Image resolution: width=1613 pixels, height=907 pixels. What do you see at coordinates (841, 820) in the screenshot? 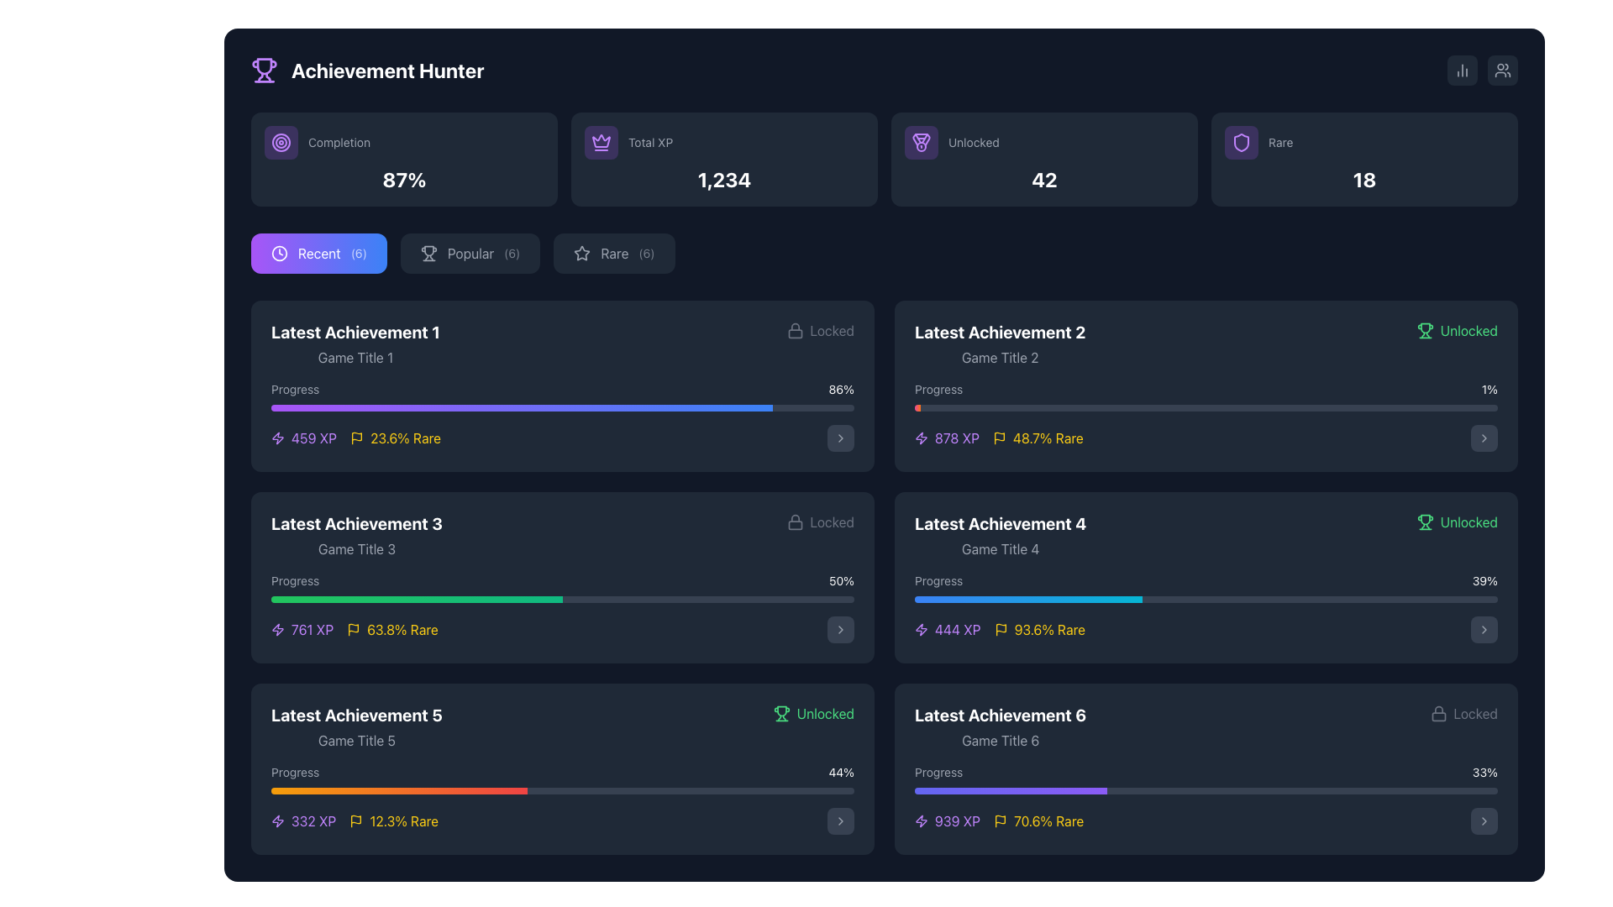
I see `the small rectangular button with rounded corners and a gray background, located at the far-right of the row labeled 'Latest Achievement 5'` at bounding box center [841, 820].